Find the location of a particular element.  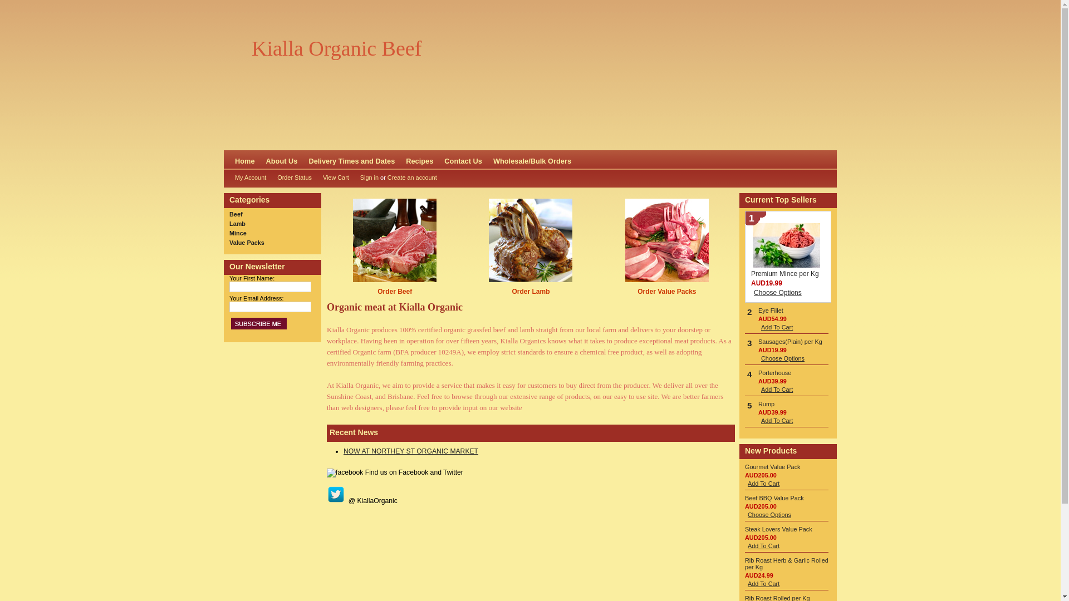

'Recipes' is located at coordinates (400, 160).